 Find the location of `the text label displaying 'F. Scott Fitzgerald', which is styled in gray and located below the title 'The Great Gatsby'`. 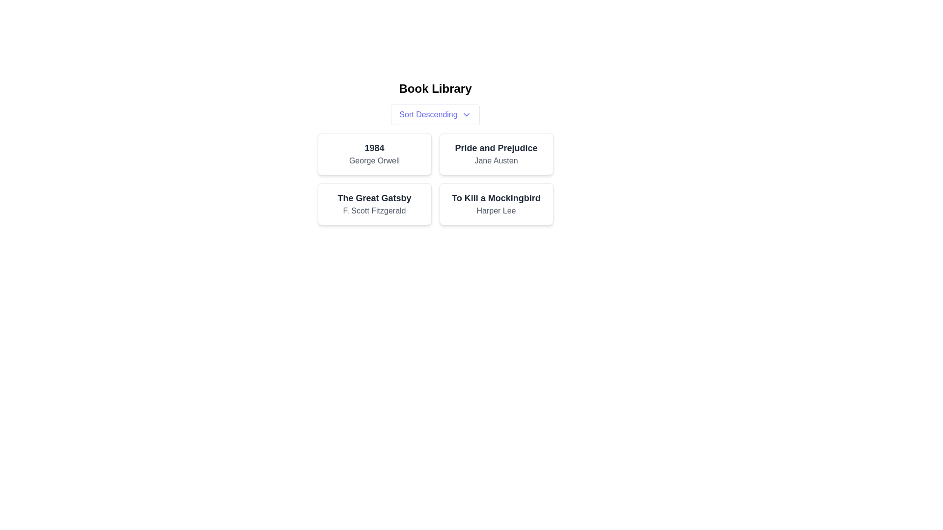

the text label displaying 'F. Scott Fitzgerald', which is styled in gray and located below the title 'The Great Gatsby' is located at coordinates (374, 210).